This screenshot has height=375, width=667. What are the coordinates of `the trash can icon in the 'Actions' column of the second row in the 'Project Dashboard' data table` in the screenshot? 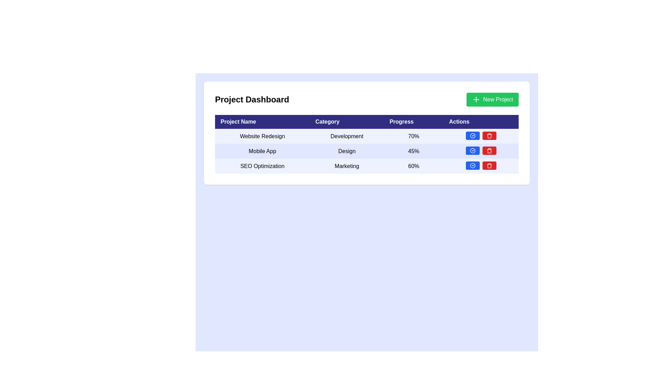 It's located at (489, 150).